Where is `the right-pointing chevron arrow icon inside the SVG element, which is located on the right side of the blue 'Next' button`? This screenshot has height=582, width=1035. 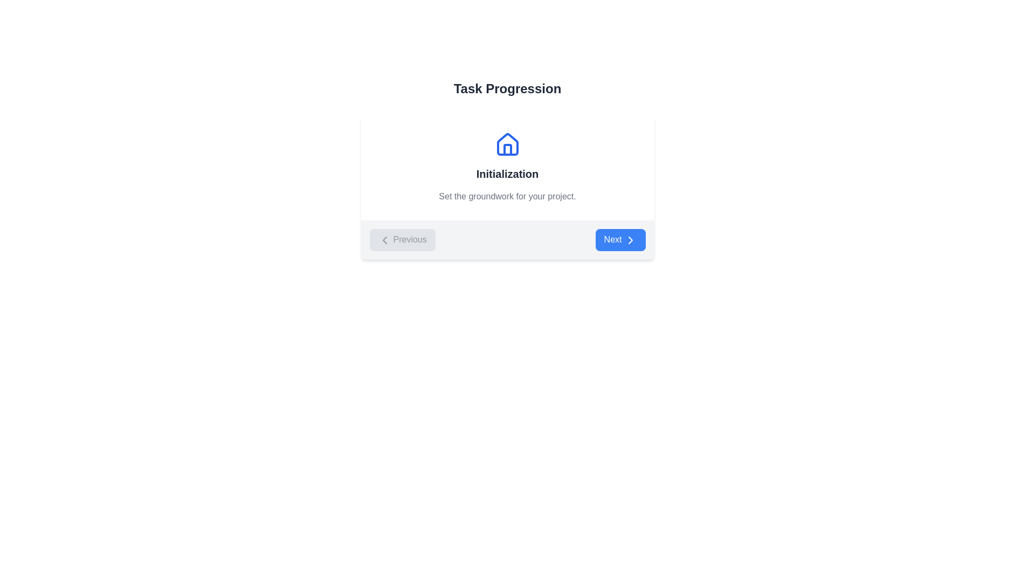
the right-pointing chevron arrow icon inside the SVG element, which is located on the right side of the blue 'Next' button is located at coordinates (630, 239).